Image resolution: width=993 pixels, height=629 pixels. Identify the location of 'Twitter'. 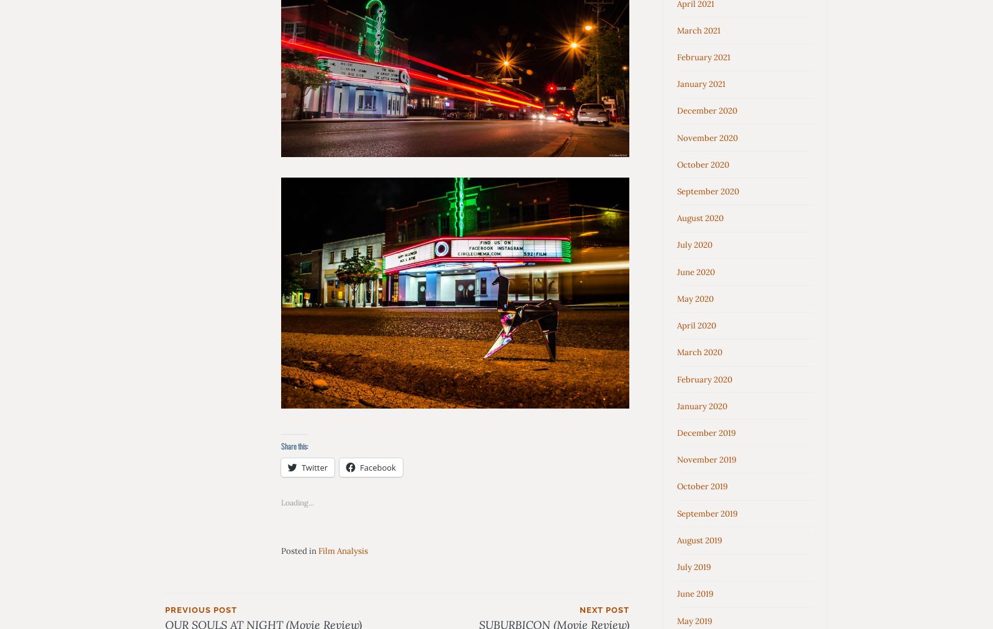
(313, 467).